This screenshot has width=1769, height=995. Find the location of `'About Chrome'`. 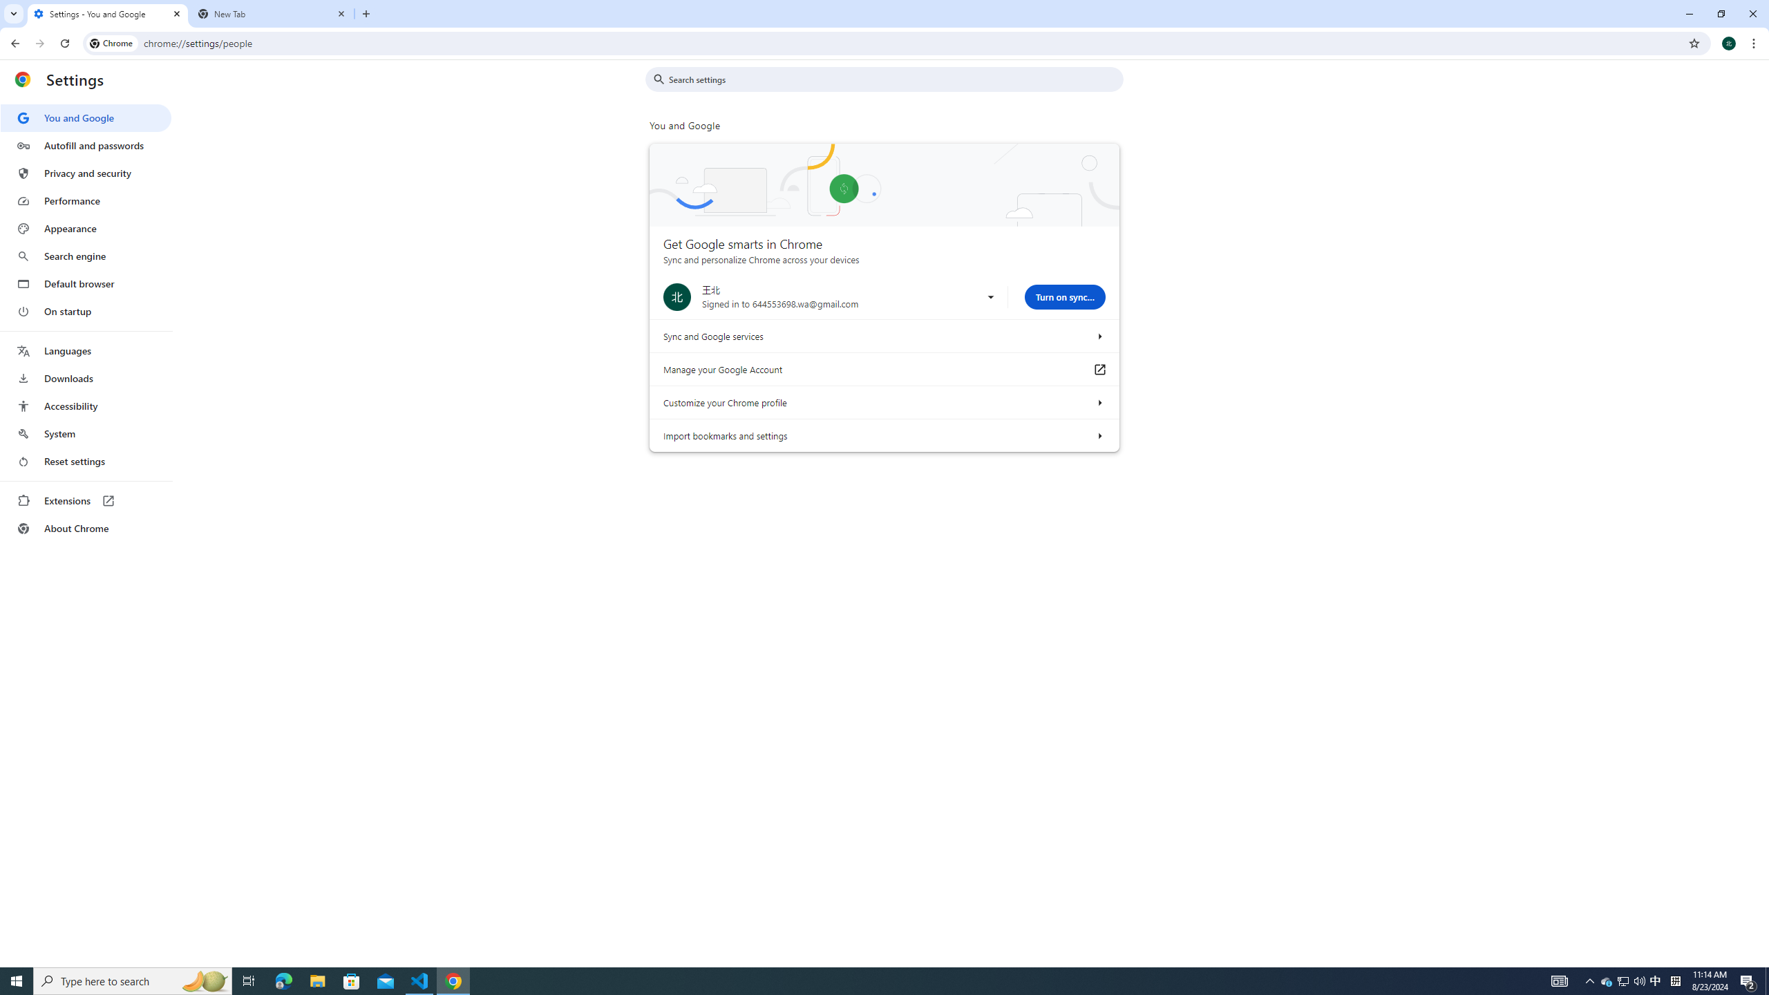

'About Chrome' is located at coordinates (85, 527).